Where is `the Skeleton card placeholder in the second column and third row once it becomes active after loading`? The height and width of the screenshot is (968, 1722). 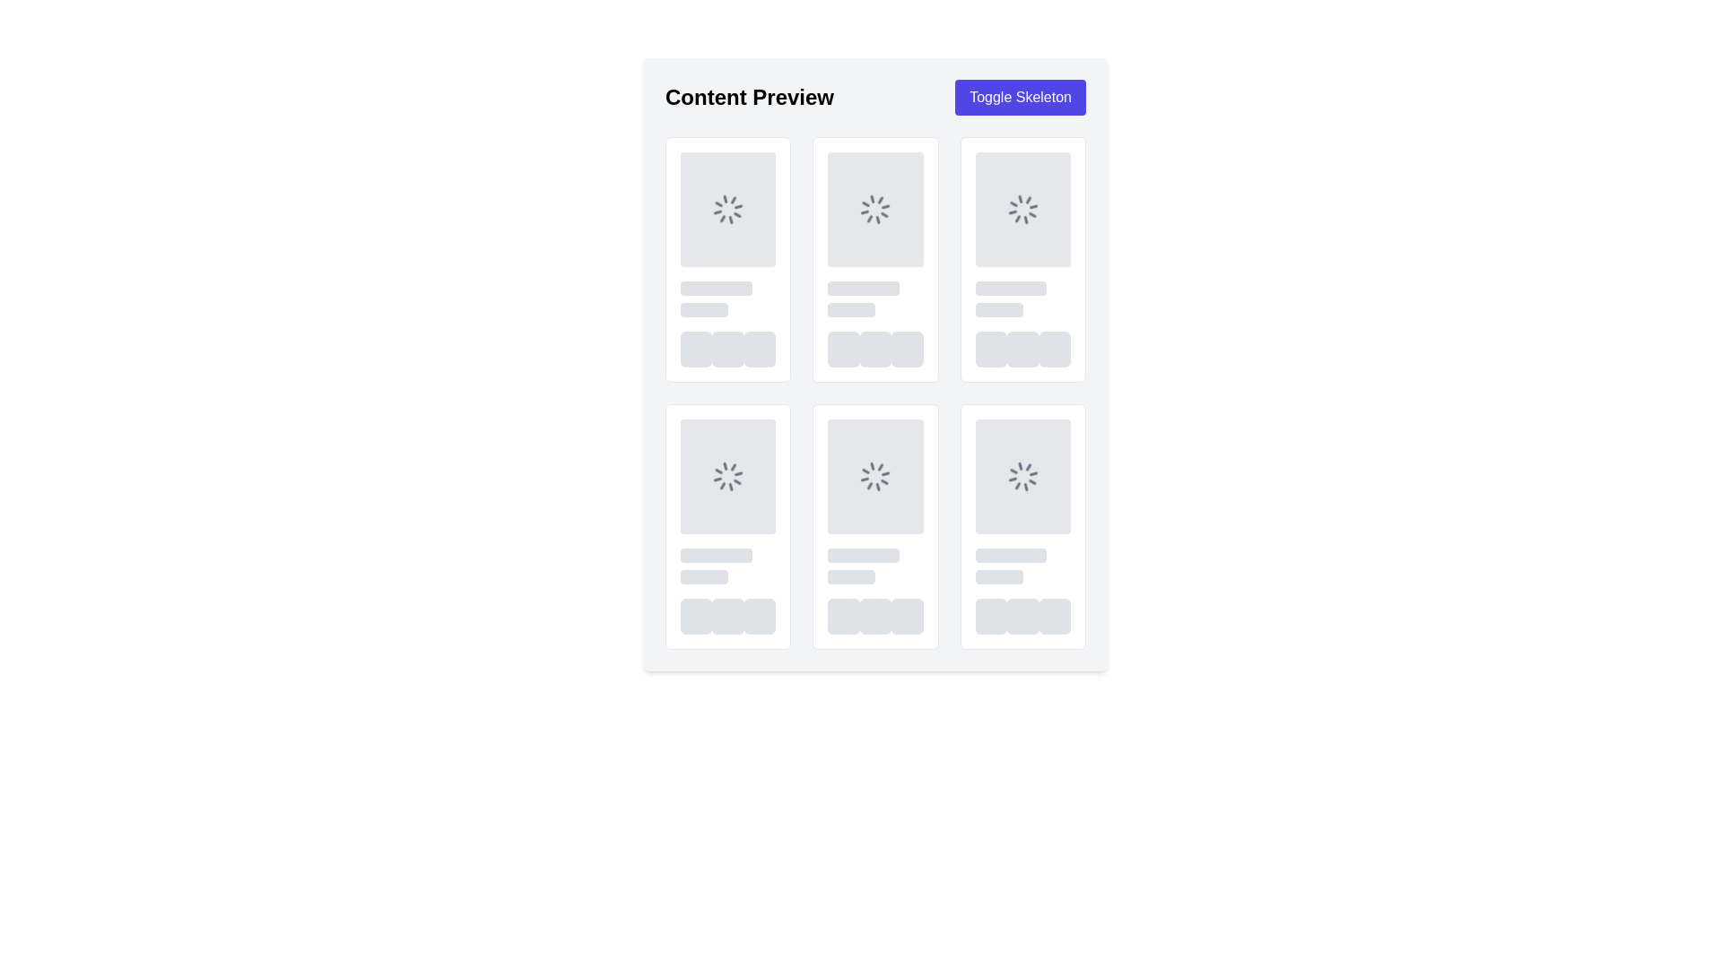 the Skeleton card placeholder in the second column and third row once it becomes active after loading is located at coordinates (875, 525).